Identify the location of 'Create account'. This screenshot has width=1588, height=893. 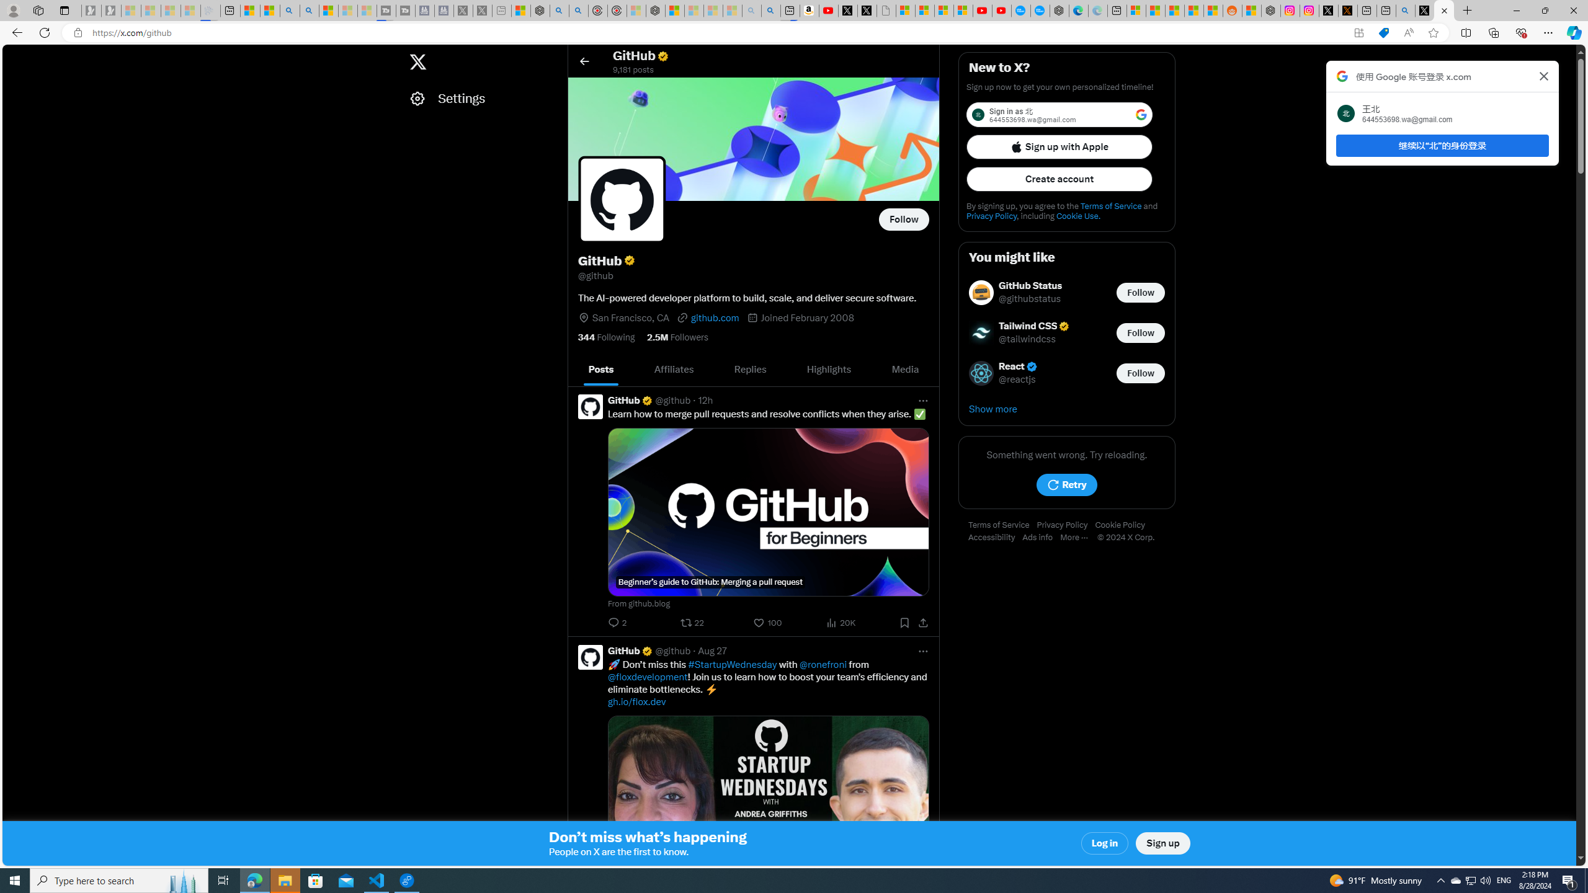
(1059, 179).